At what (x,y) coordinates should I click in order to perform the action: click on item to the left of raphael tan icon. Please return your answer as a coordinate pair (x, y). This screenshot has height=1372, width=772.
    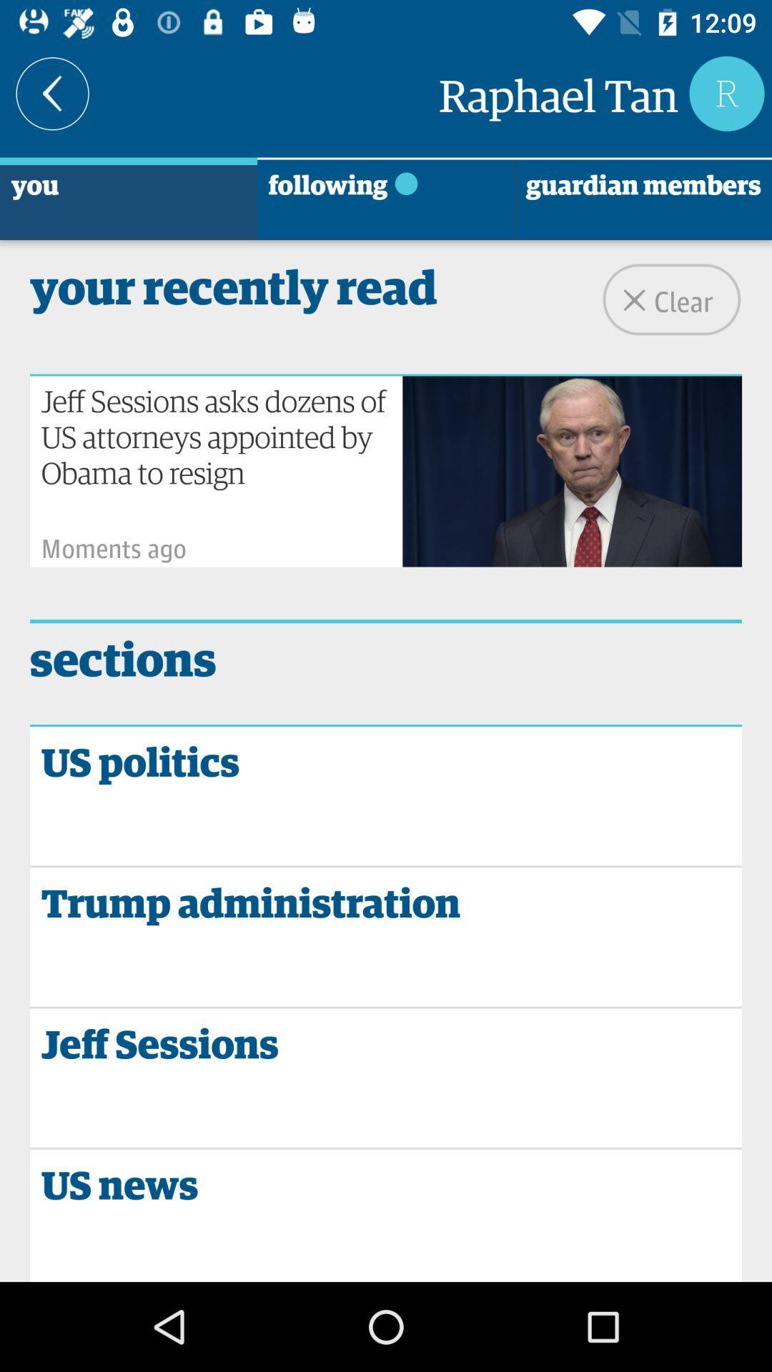
    Looking at the image, I should click on (51, 93).